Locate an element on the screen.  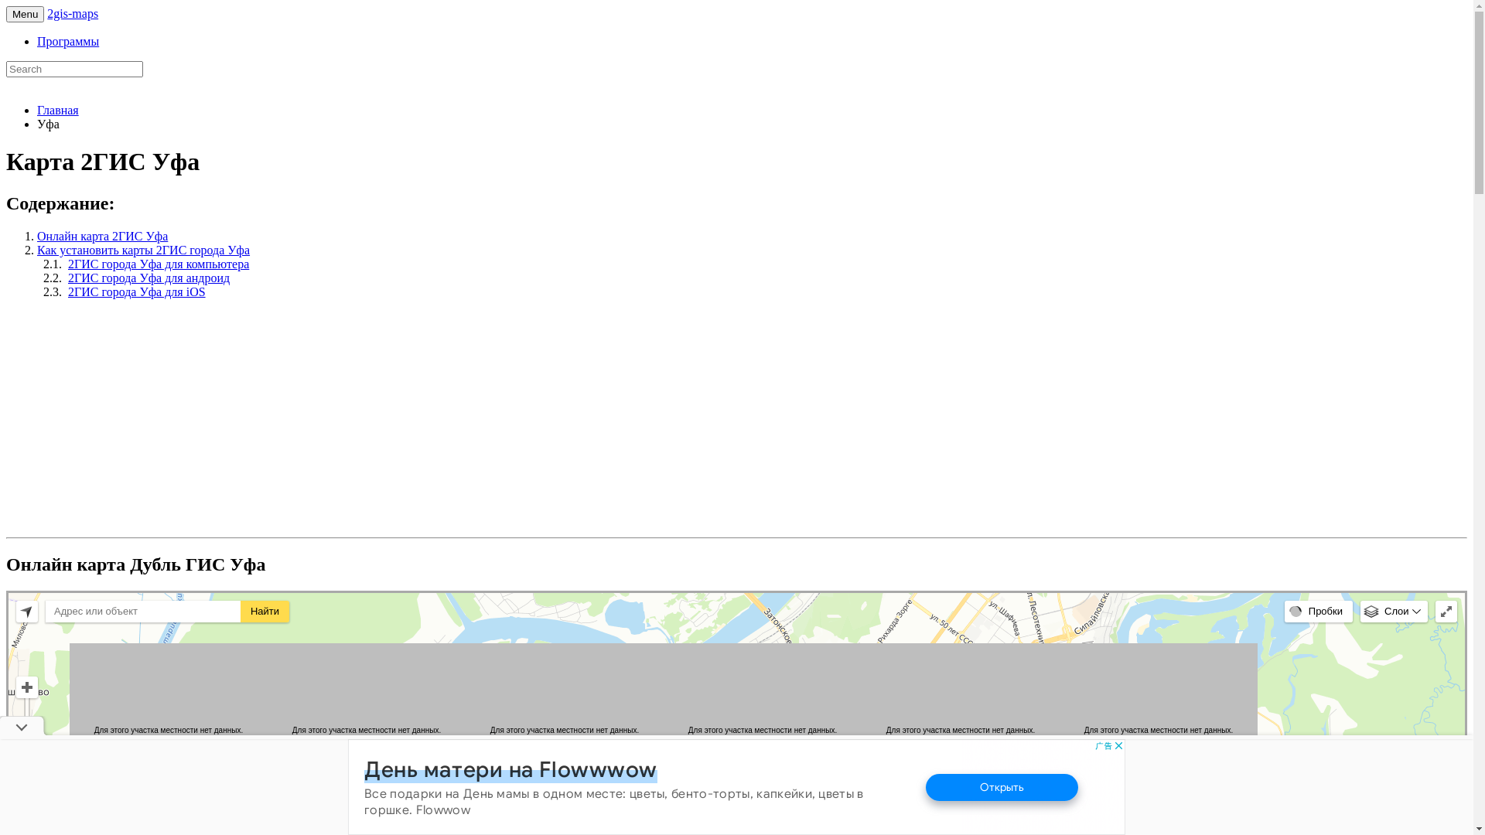
'2gis-maps' is located at coordinates (72, 13).